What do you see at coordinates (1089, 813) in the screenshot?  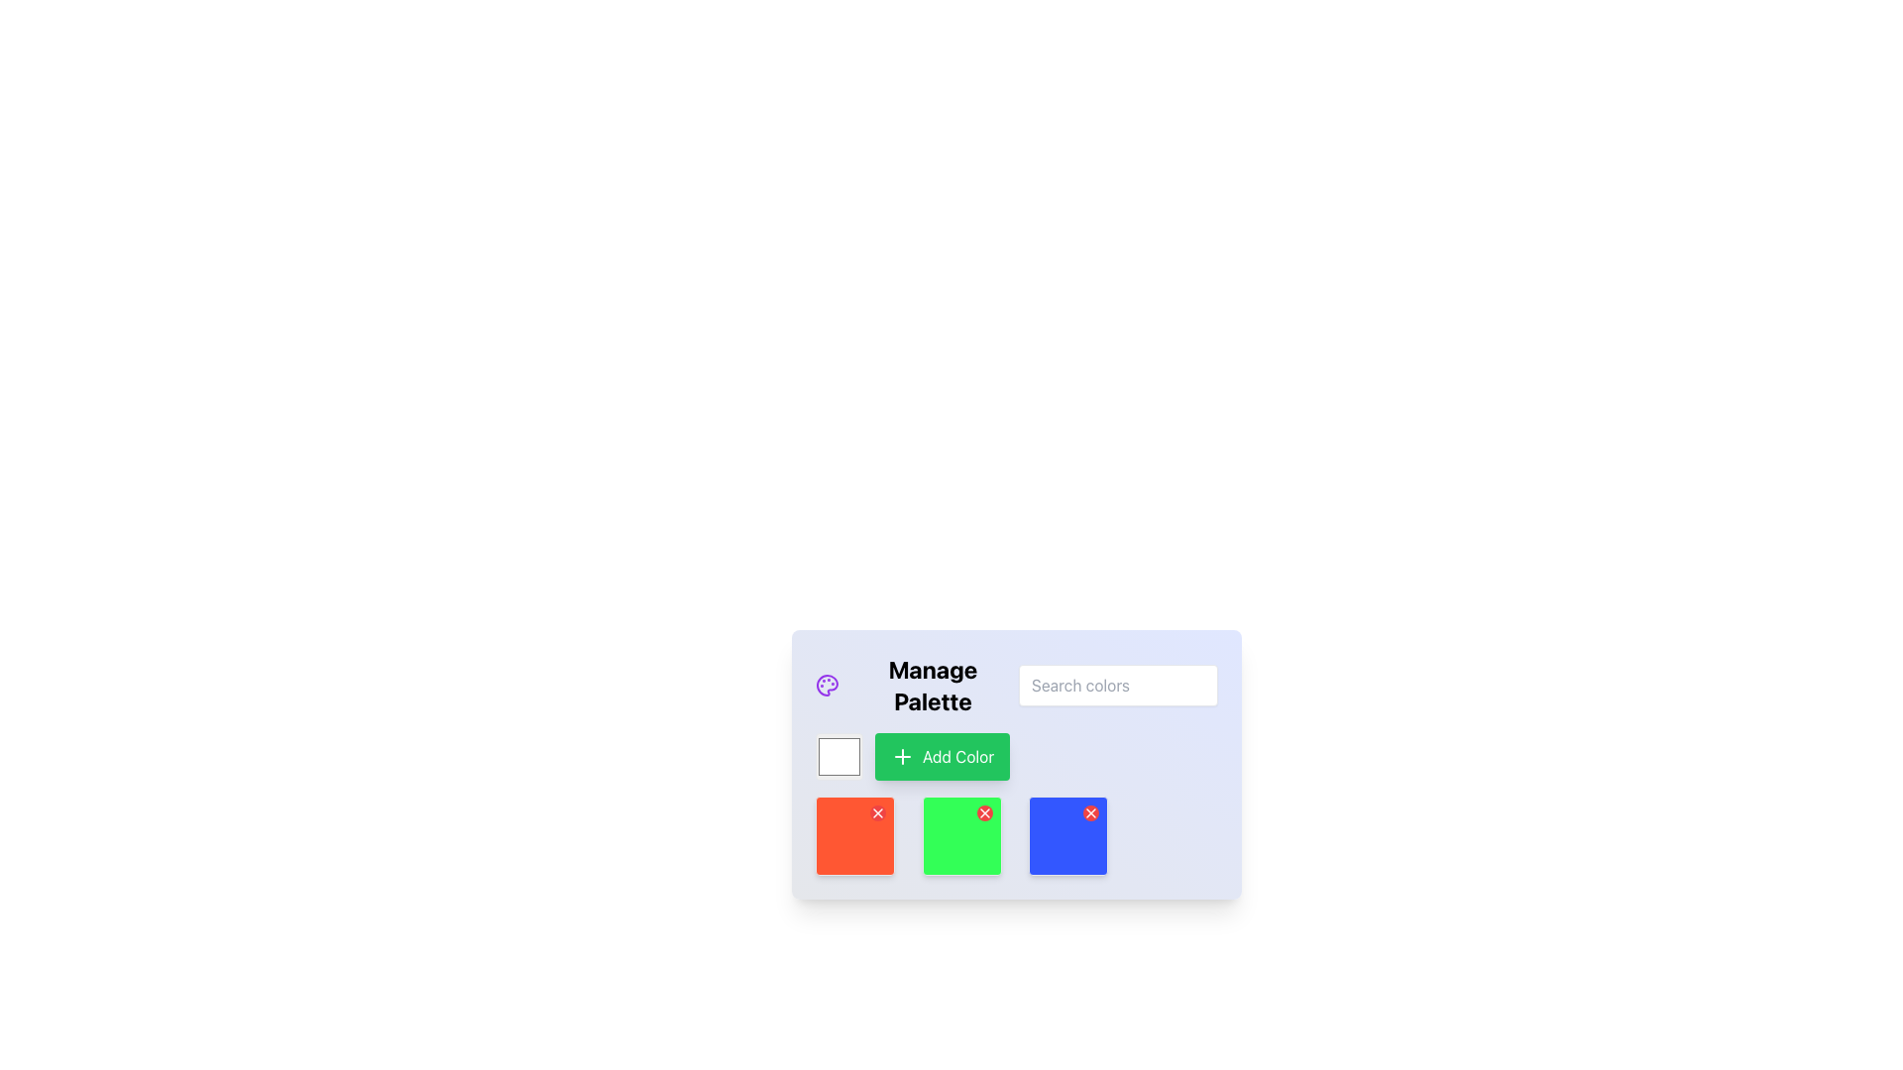 I see `the small circular button with a red background and white cross icon located at the top-right corner of the blue card` at bounding box center [1089, 813].